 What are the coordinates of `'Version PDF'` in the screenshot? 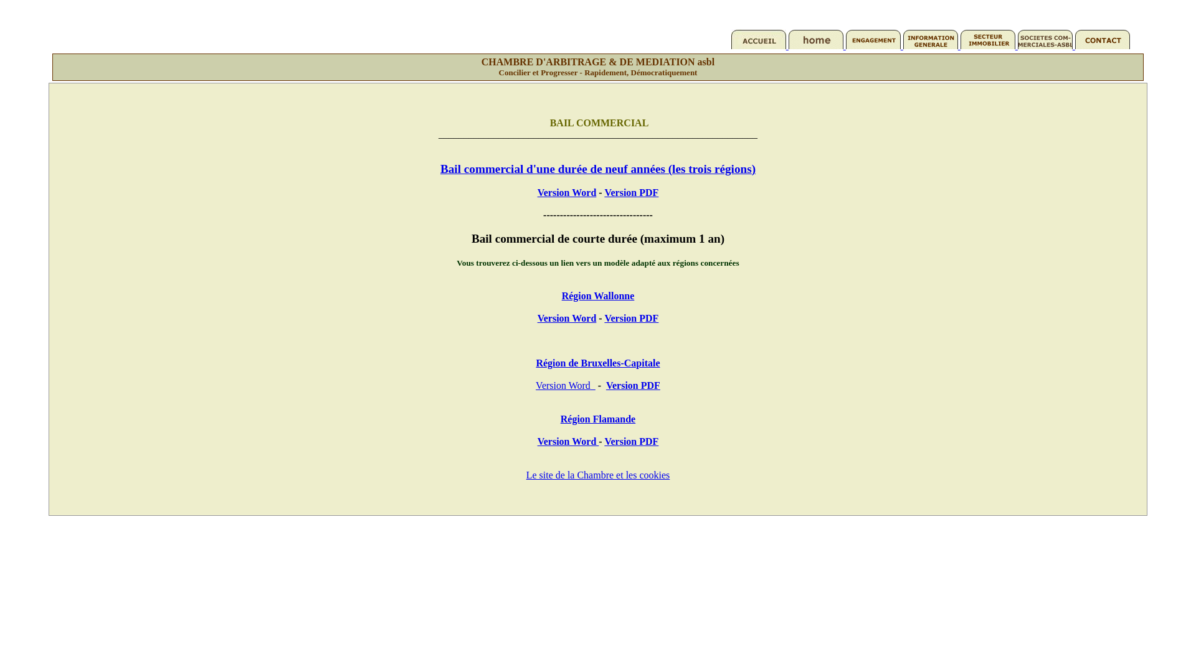 It's located at (631, 192).